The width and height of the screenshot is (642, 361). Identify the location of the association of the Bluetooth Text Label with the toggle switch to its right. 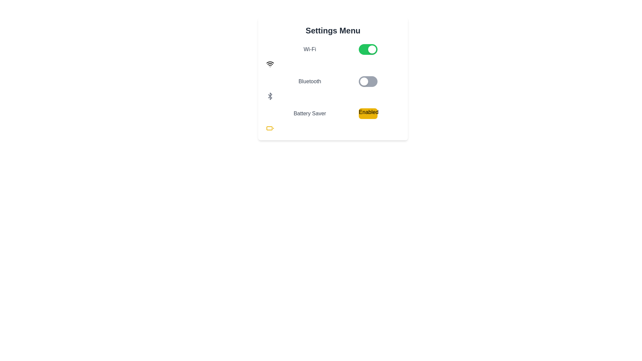
(309, 81).